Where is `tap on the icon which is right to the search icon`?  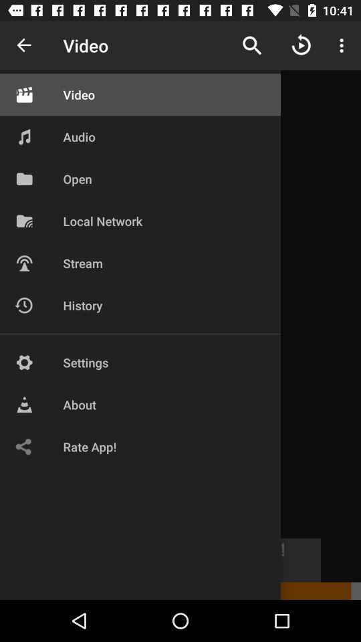
tap on the icon which is right to the search icon is located at coordinates (302, 45).